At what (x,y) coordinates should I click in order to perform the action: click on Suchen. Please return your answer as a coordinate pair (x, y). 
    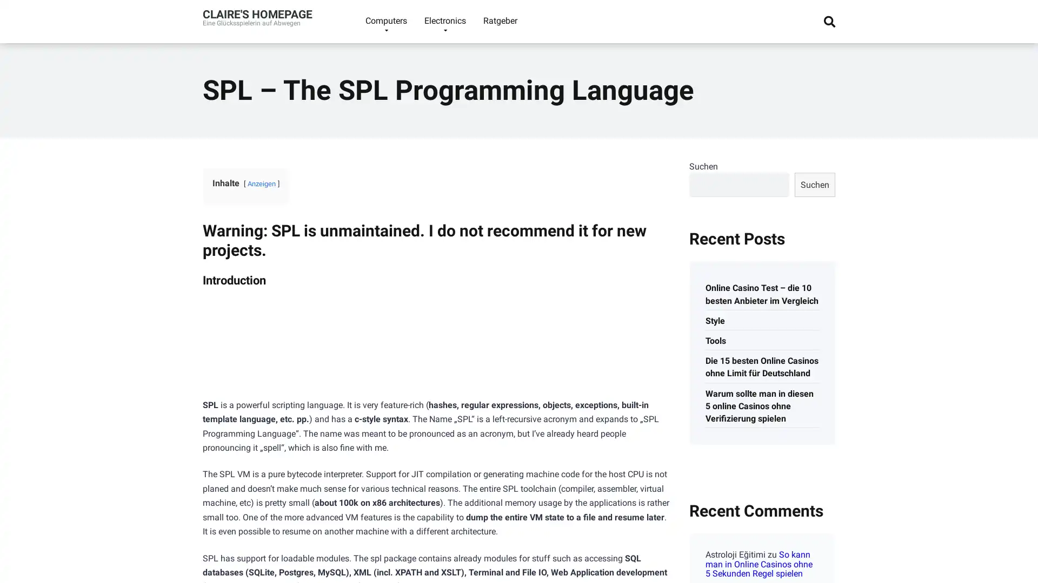
    Looking at the image, I should click on (815, 184).